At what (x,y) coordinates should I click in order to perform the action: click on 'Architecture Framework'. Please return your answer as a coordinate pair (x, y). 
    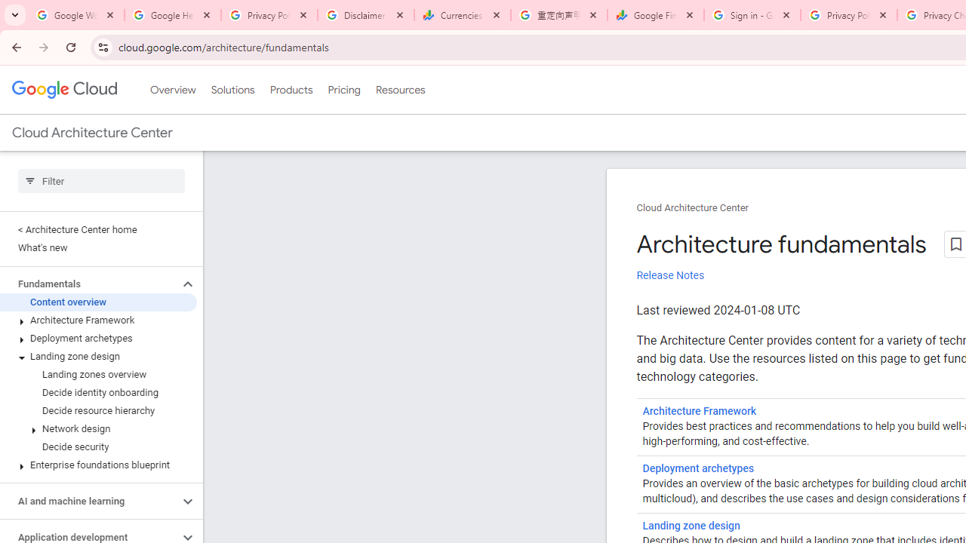
    Looking at the image, I should click on (699, 411).